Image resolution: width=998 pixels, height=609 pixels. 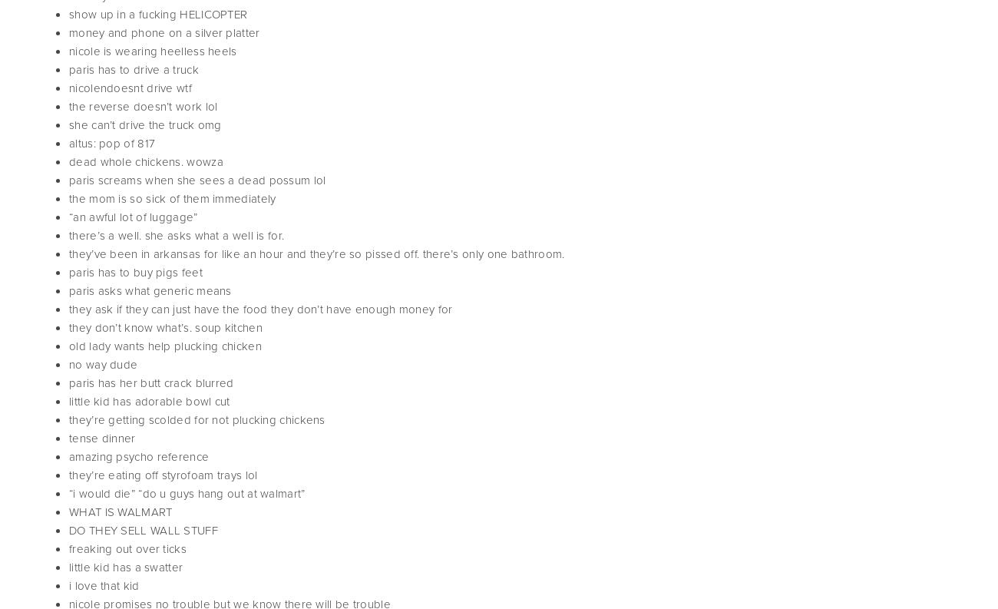 What do you see at coordinates (138, 456) in the screenshot?
I see `'amazing psycho reference'` at bounding box center [138, 456].